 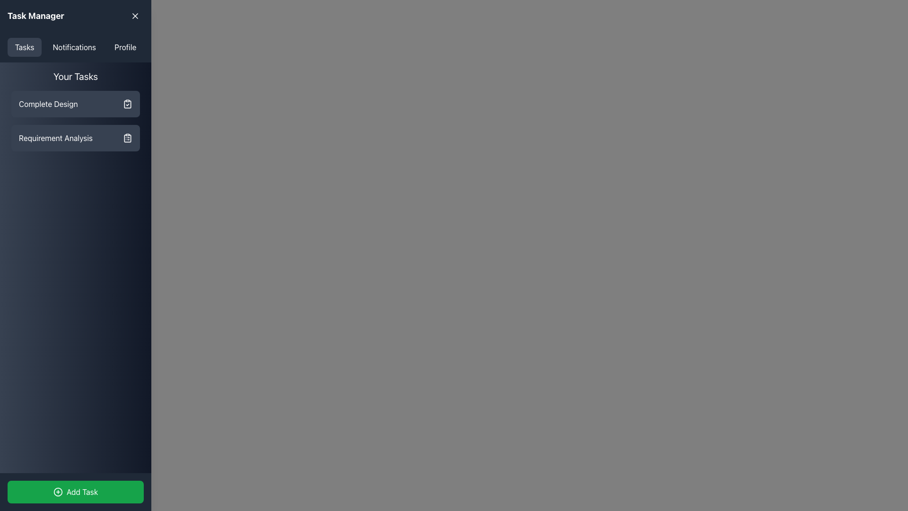 I want to click on the task item labeled 'Complete Design' which is displayed within a dark rectangular background with rounded corners, located in the 'Your Tasks' panel, so click(x=75, y=120).